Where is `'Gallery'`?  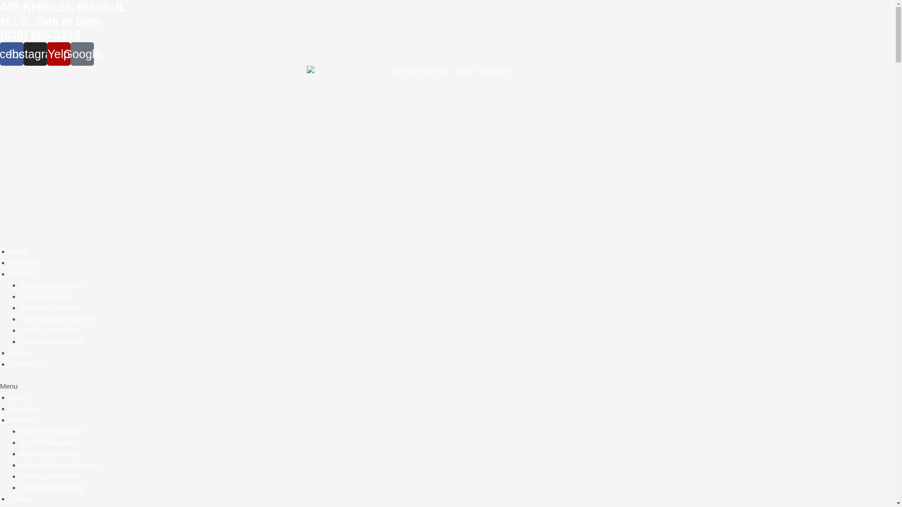 'Gallery' is located at coordinates (9, 498).